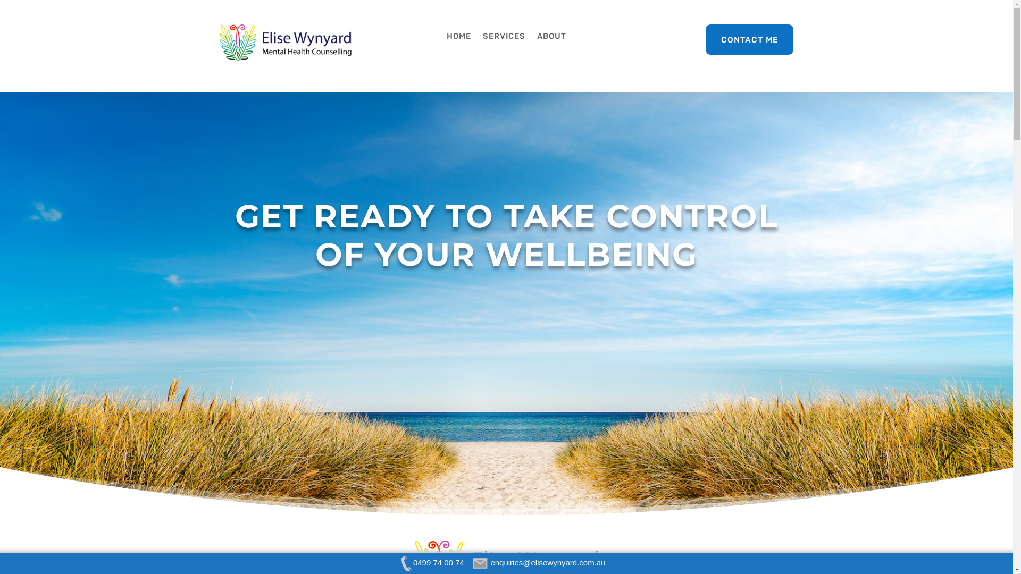 This screenshot has width=1021, height=574. What do you see at coordinates (503, 38) in the screenshot?
I see `'SERVICES'` at bounding box center [503, 38].